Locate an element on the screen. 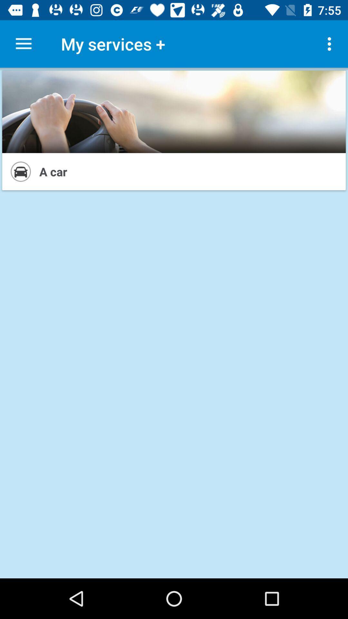 This screenshot has height=619, width=348. icon at the top right corner is located at coordinates (331, 44).